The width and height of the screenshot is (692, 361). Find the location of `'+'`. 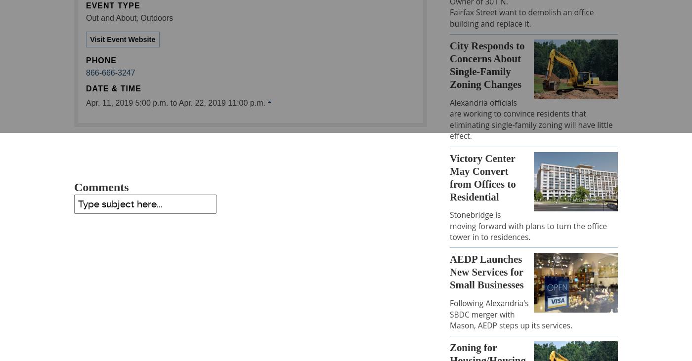

'+' is located at coordinates (267, 102).